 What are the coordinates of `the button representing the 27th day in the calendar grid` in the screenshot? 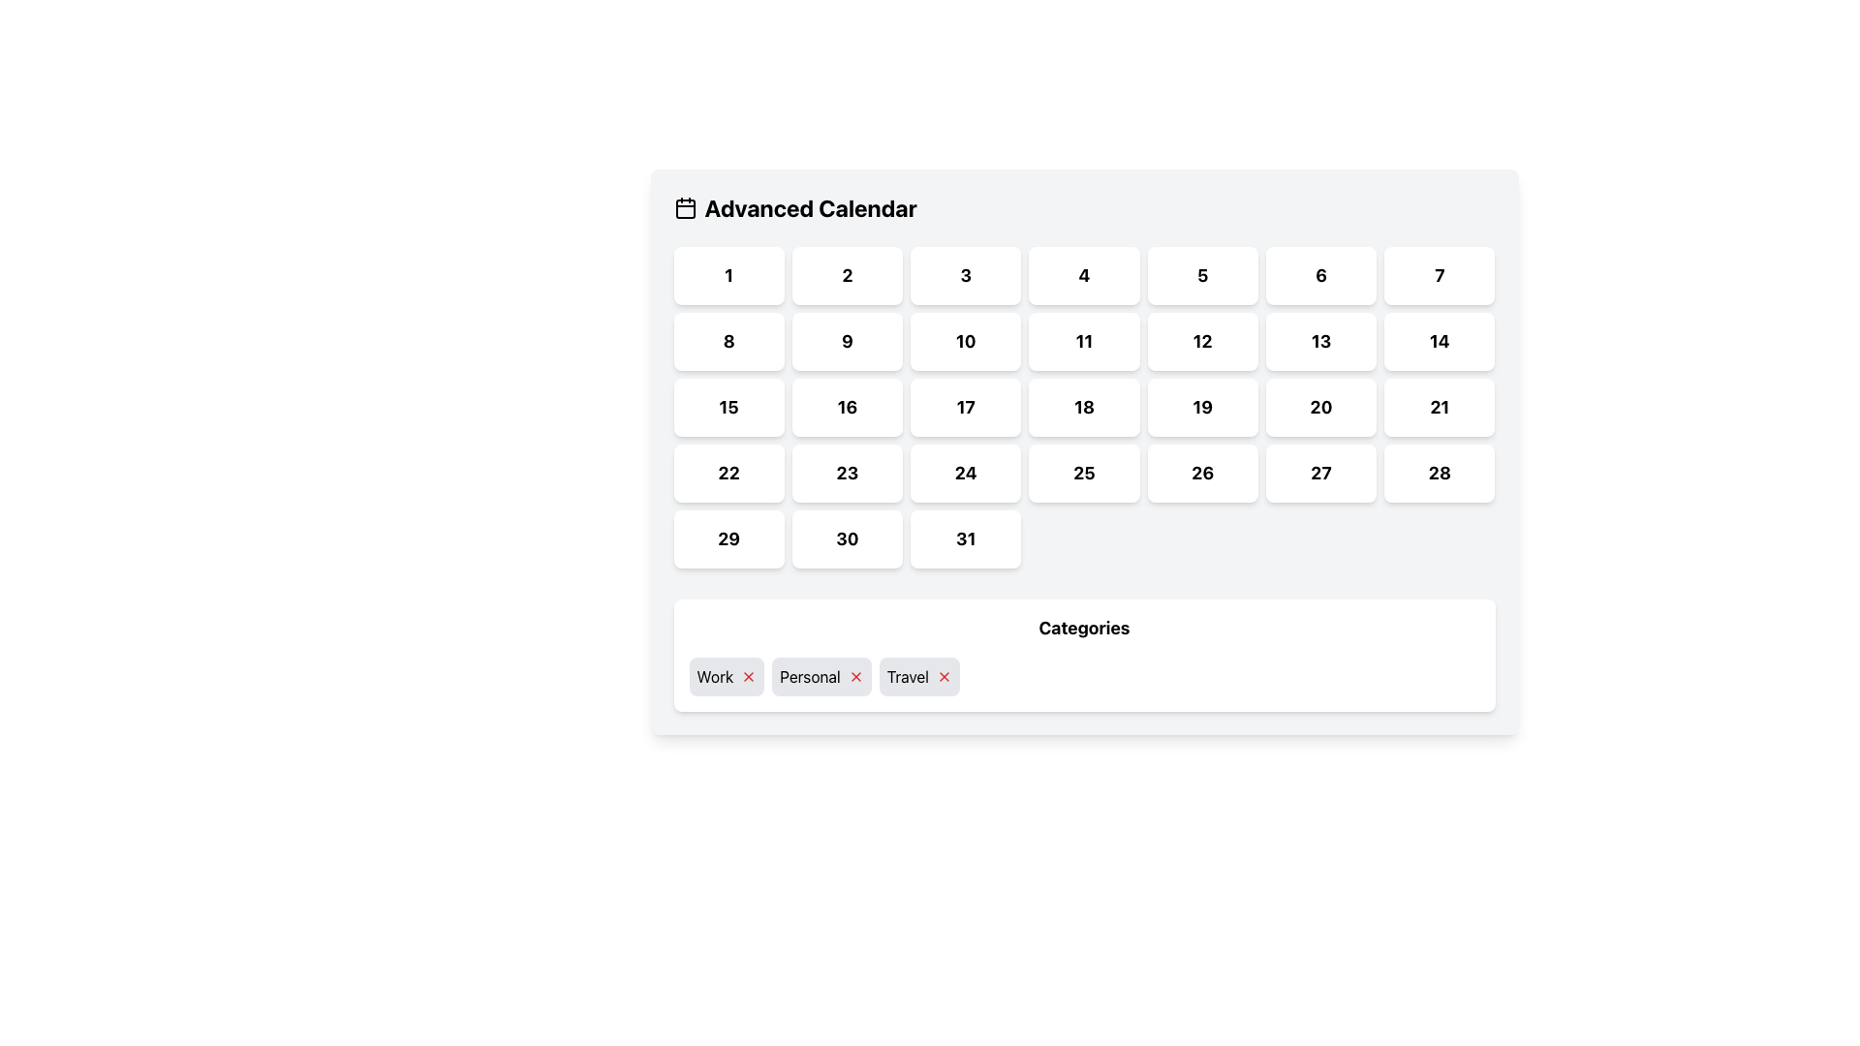 It's located at (1319, 474).